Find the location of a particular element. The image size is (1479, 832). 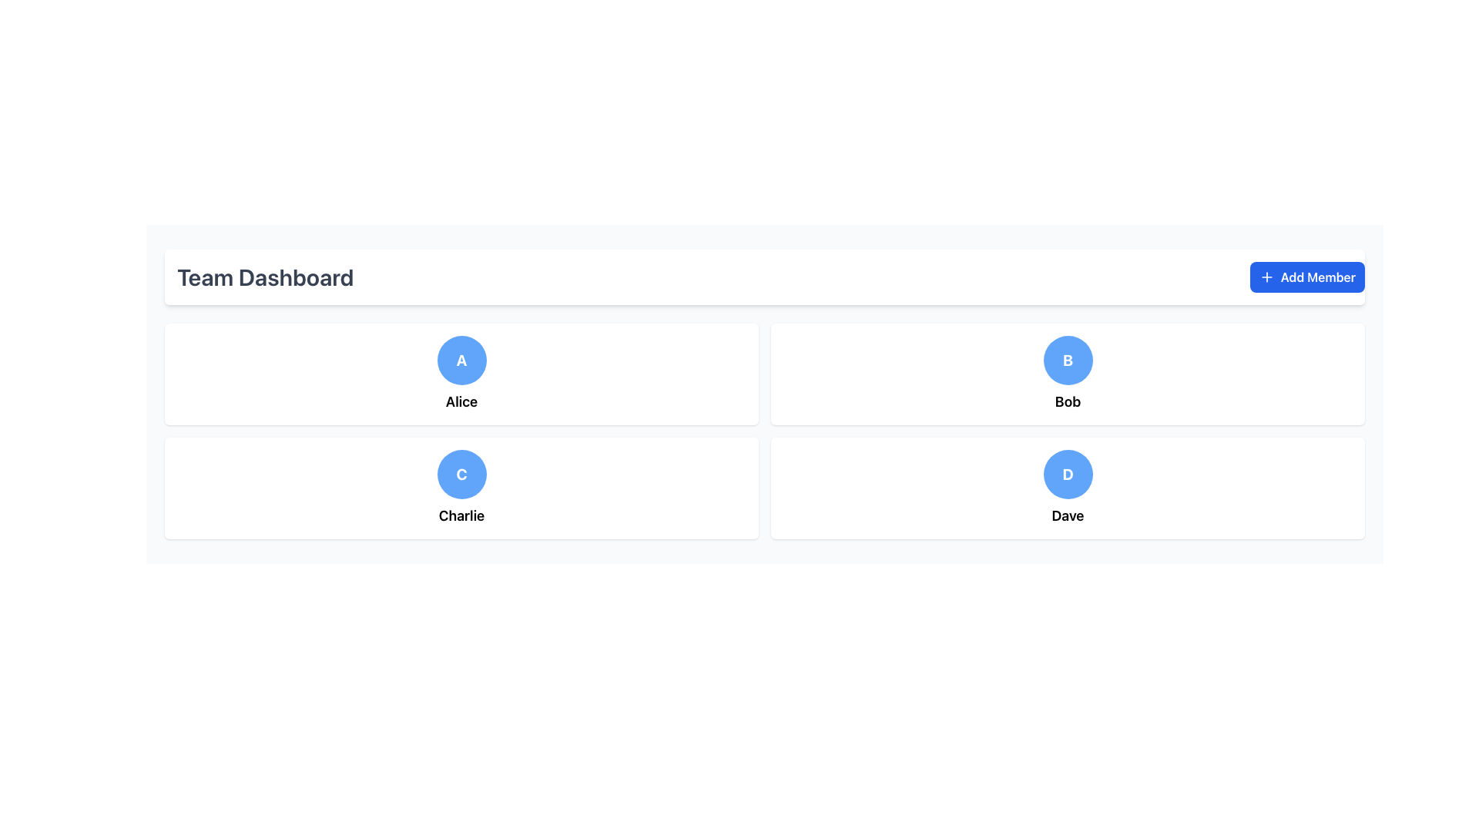

text label identifying the entity 'Alice', which is located below the blue circular icon labeled 'A' in the top left card of a 2x2 grid layout is located at coordinates (461, 401).